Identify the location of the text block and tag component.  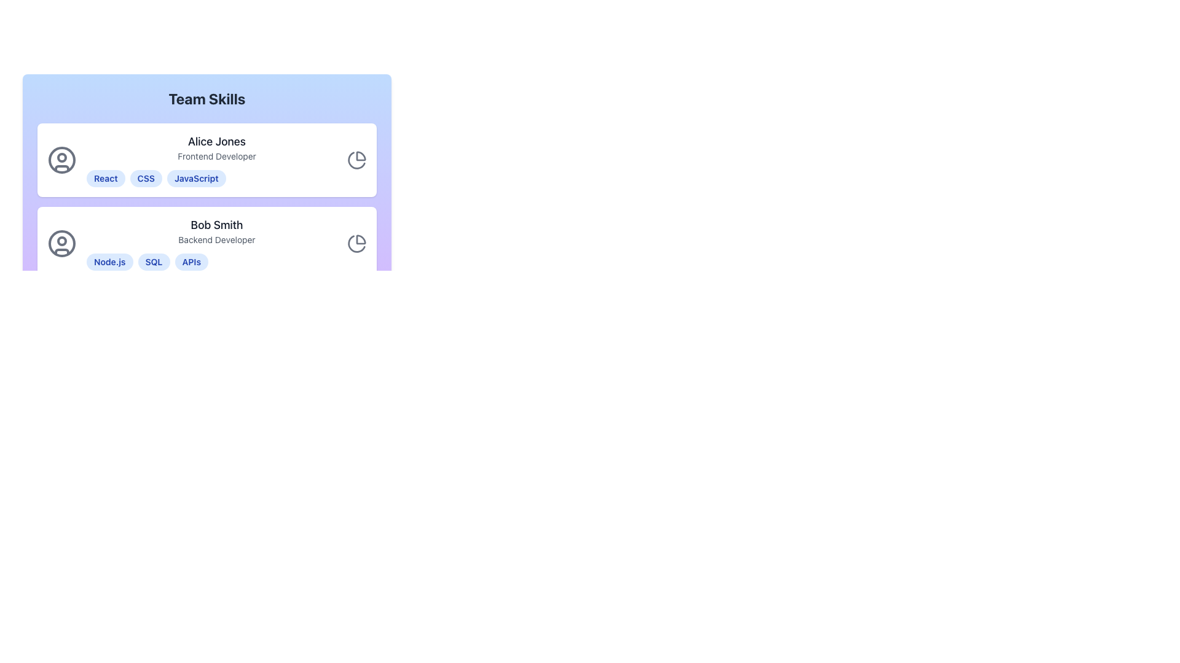
(217, 244).